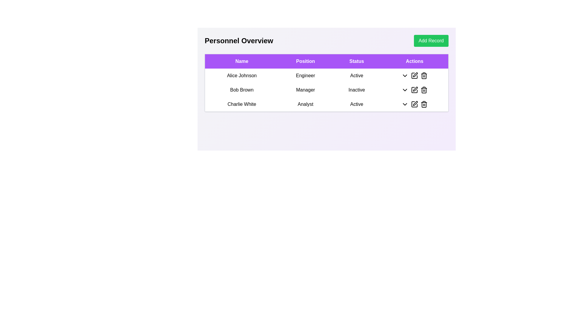  Describe the element at coordinates (414, 104) in the screenshot. I see `the square button with a pencil symbol located in the bottom row of the 'Actions' column to enter edit mode` at that location.